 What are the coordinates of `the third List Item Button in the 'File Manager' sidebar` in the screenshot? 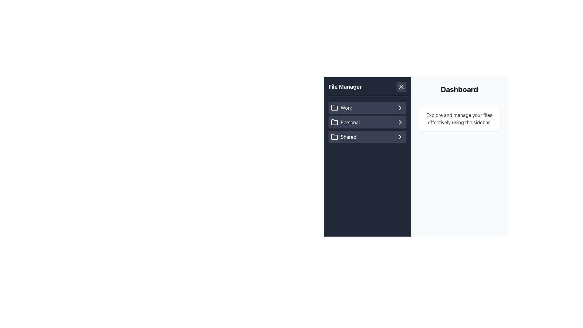 It's located at (367, 137).